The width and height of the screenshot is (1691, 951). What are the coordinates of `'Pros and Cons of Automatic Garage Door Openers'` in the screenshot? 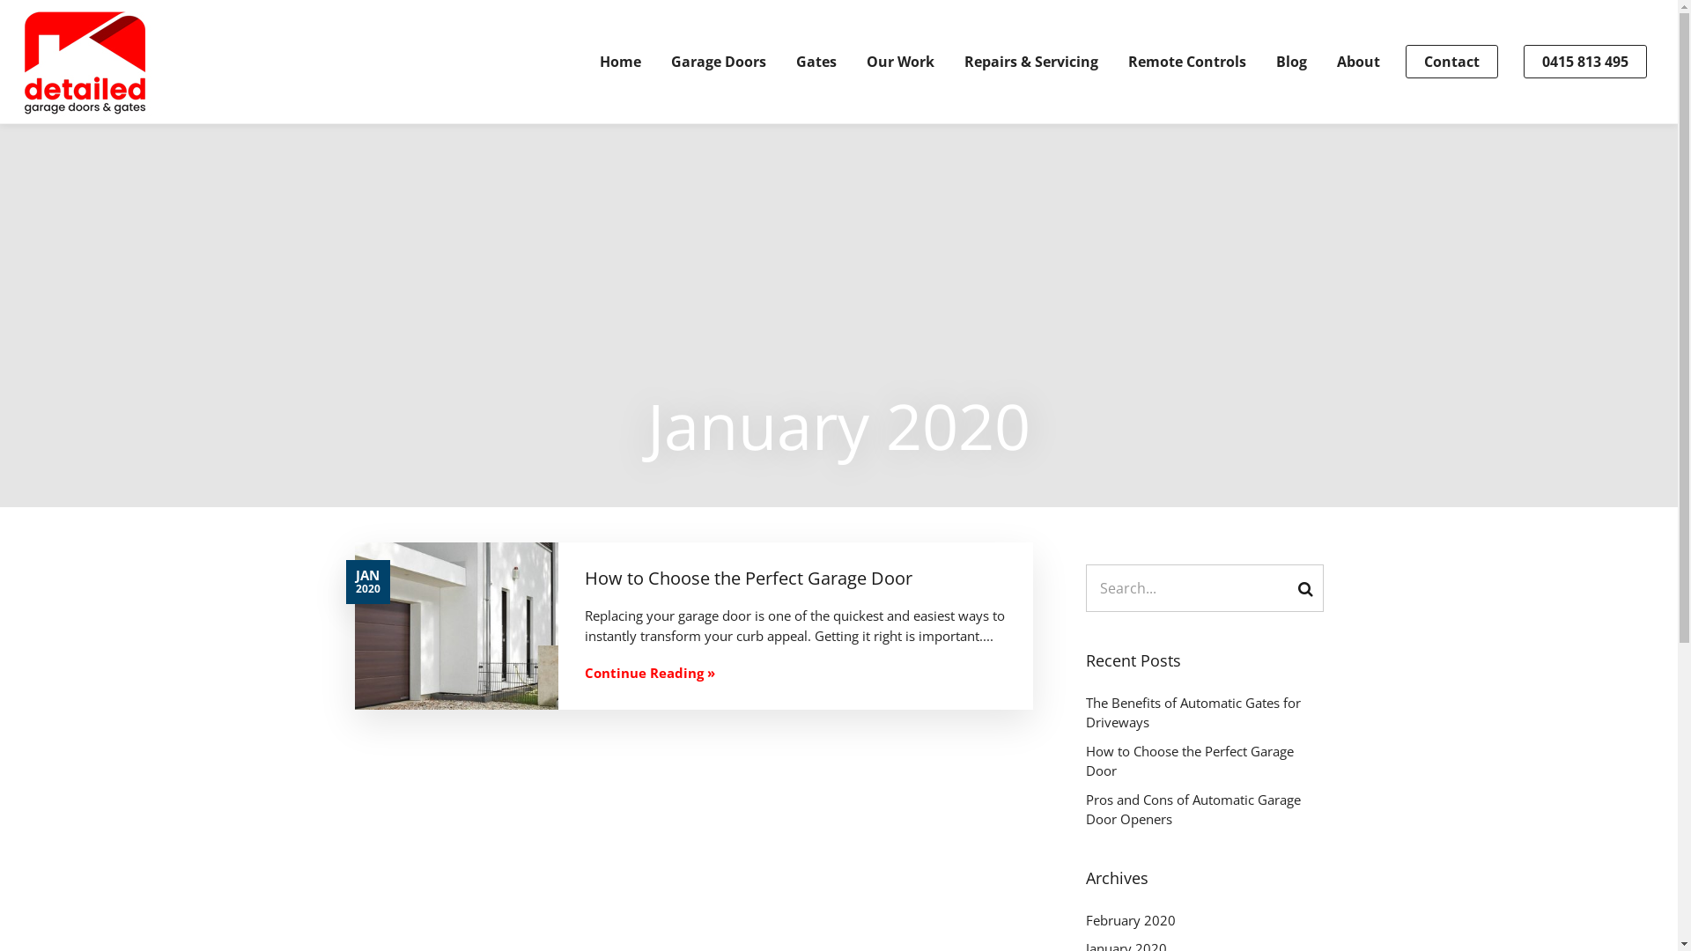 It's located at (1203, 809).